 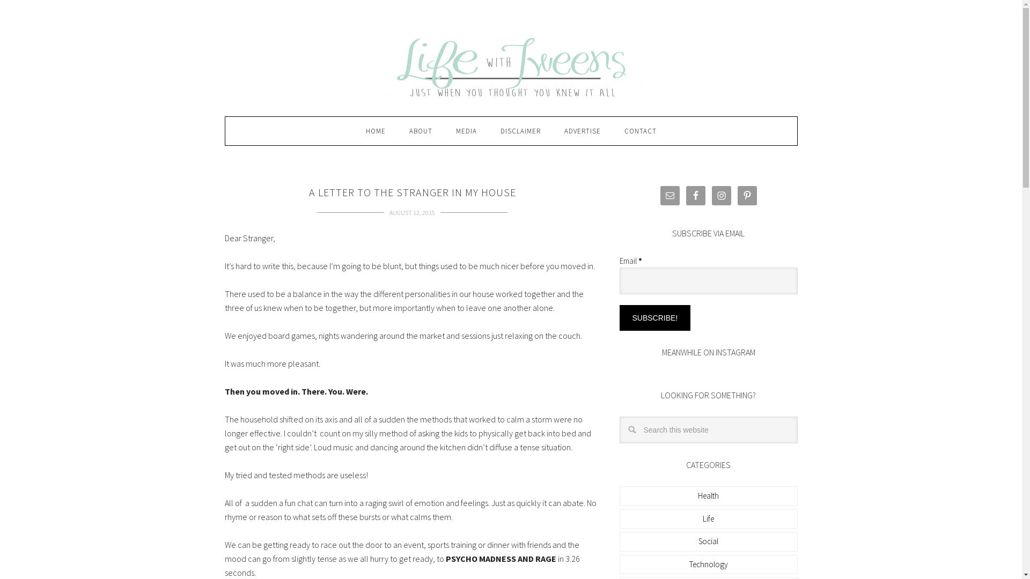 I want to click on 'MEDIA', so click(x=466, y=130).